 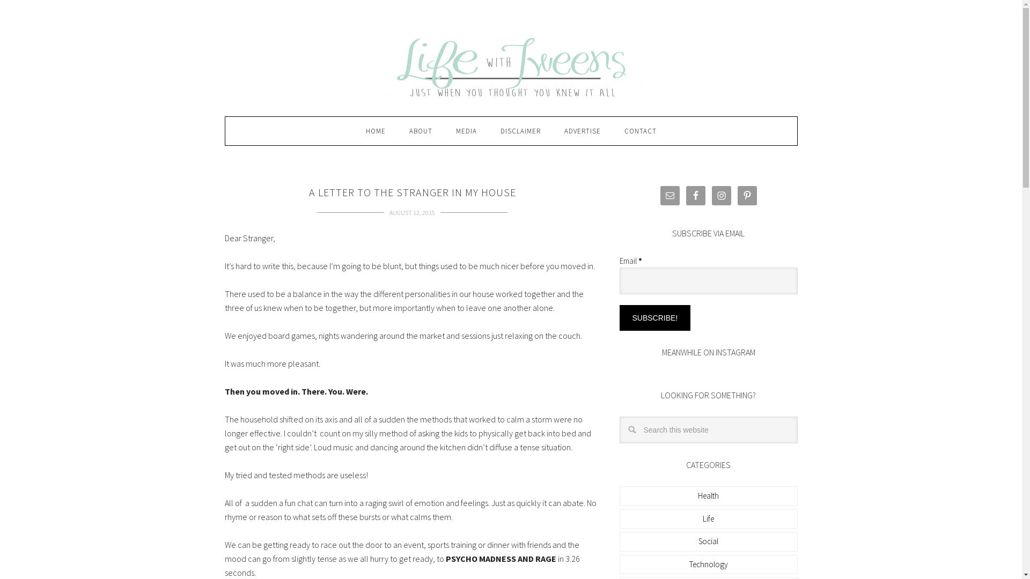 I want to click on 'MEDIA', so click(x=466, y=130).